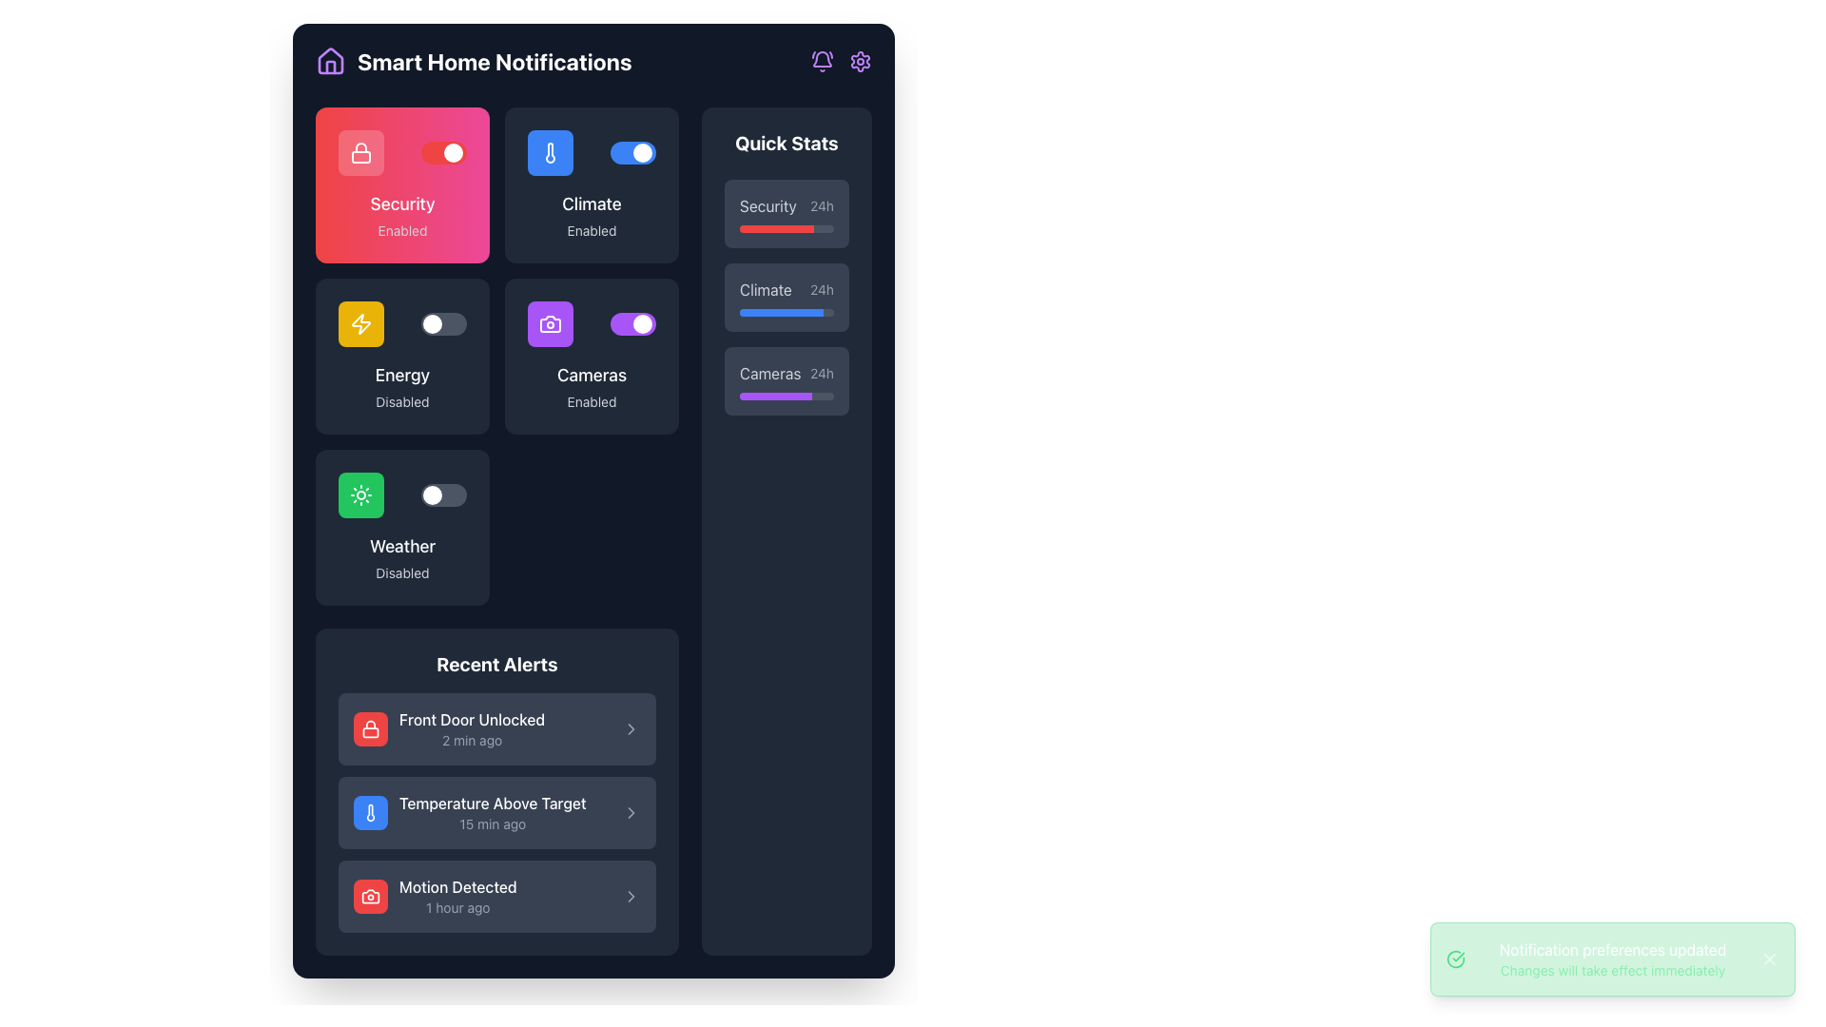  I want to click on informative message text located within the notification card in the lower right portion of the interface, specifically the second line of text that follows 'Notification preferences updated', so click(1611, 971).